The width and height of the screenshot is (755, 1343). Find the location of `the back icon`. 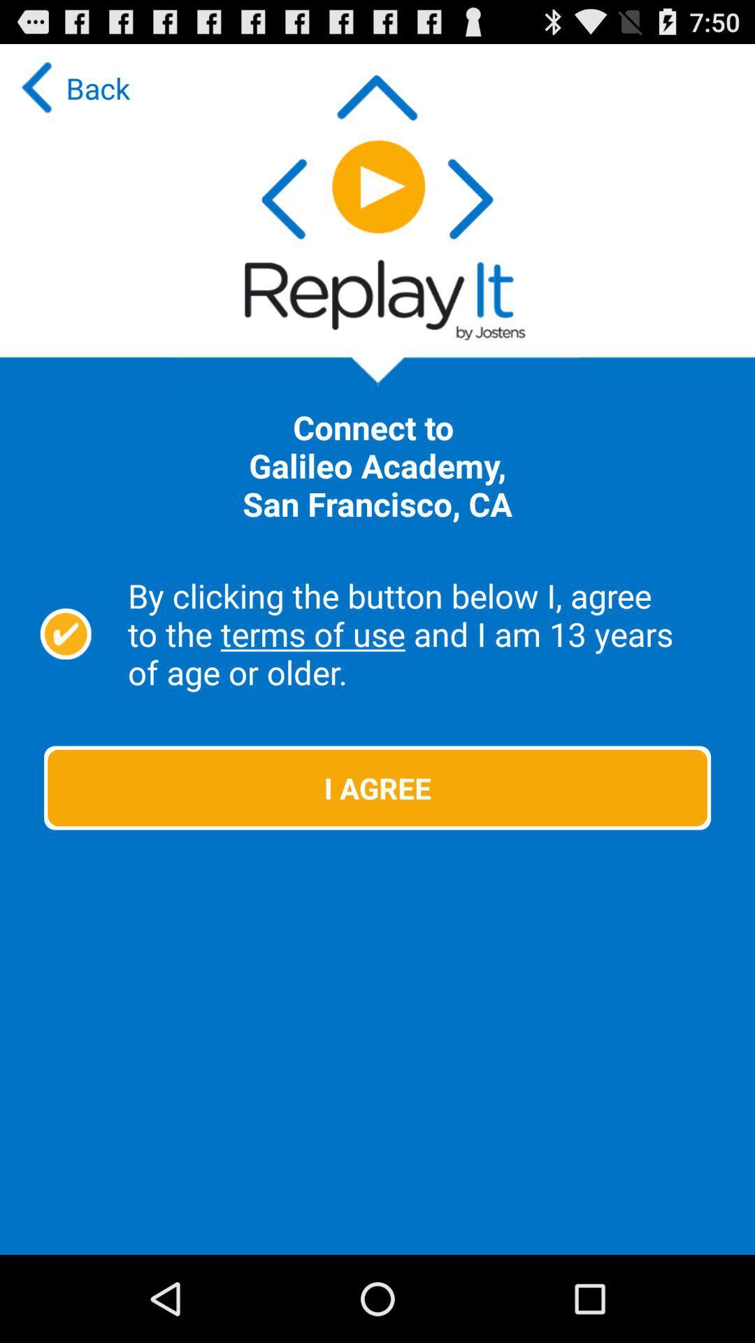

the back icon is located at coordinates (72, 87).